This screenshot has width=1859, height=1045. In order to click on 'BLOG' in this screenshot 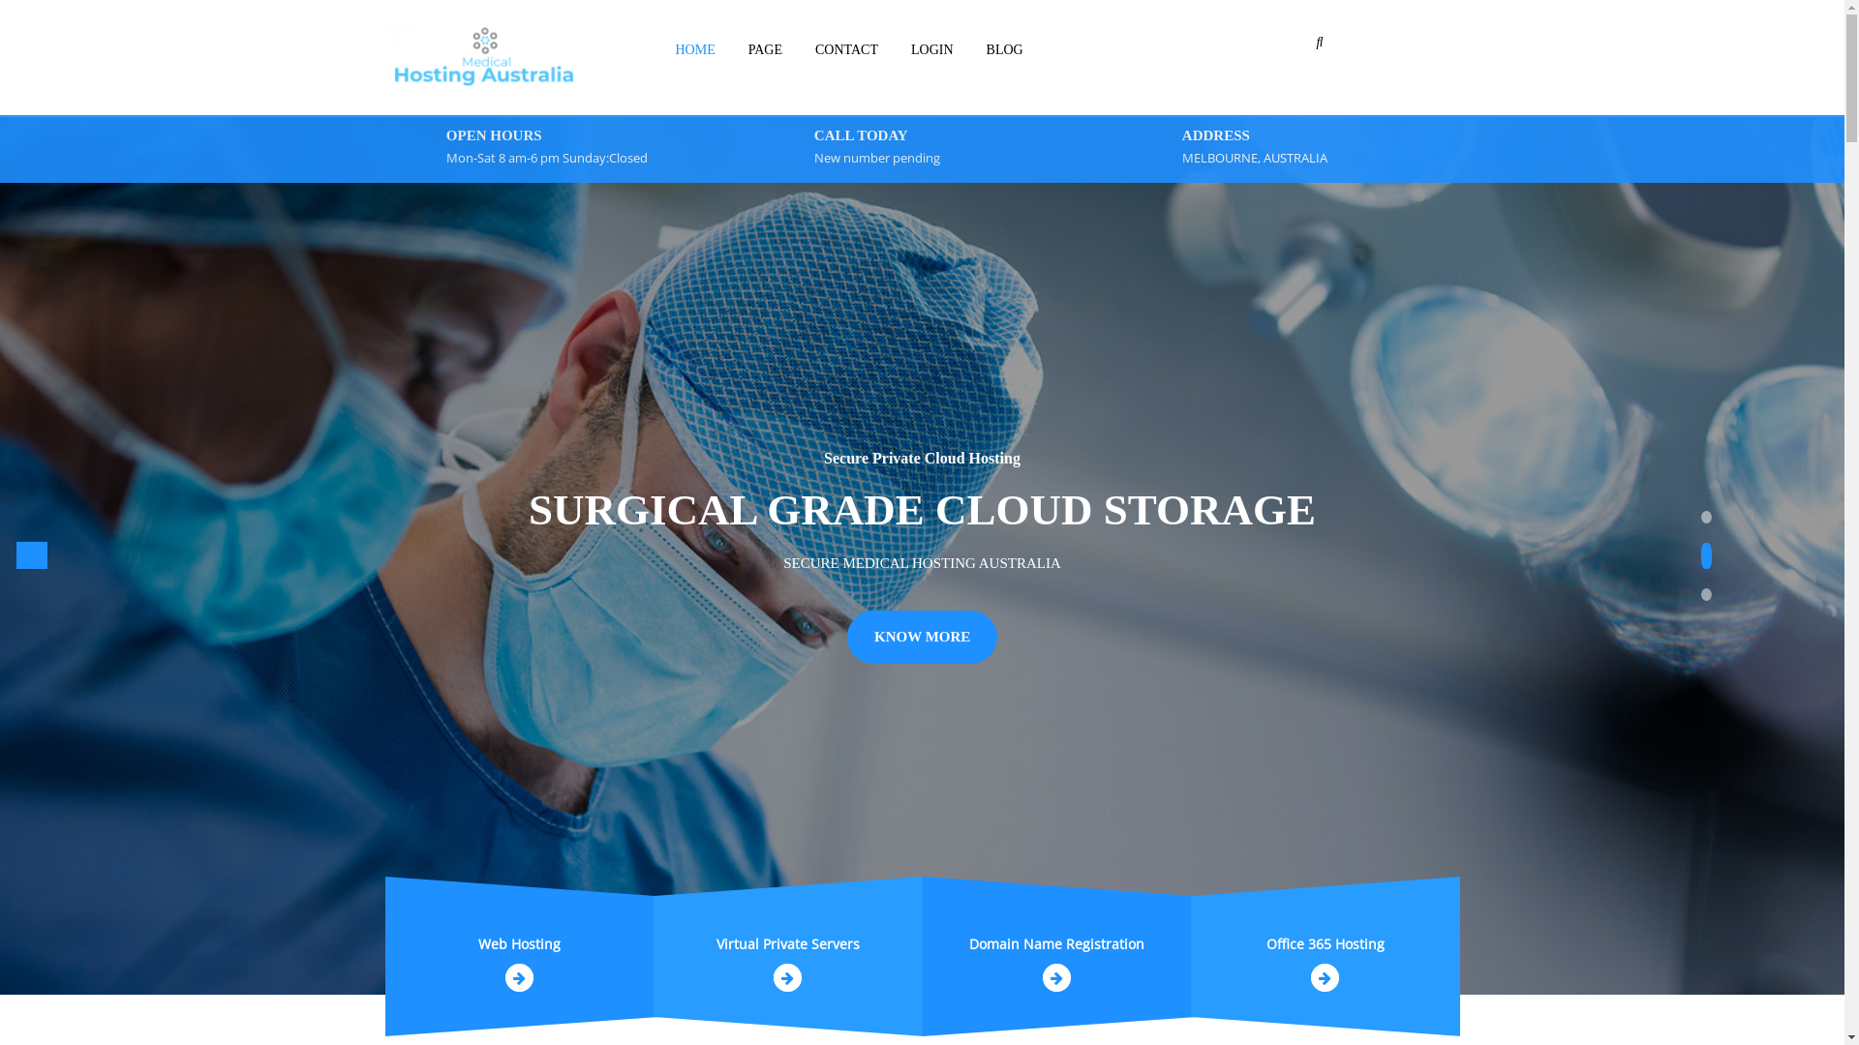, I will do `click(1004, 48)`.